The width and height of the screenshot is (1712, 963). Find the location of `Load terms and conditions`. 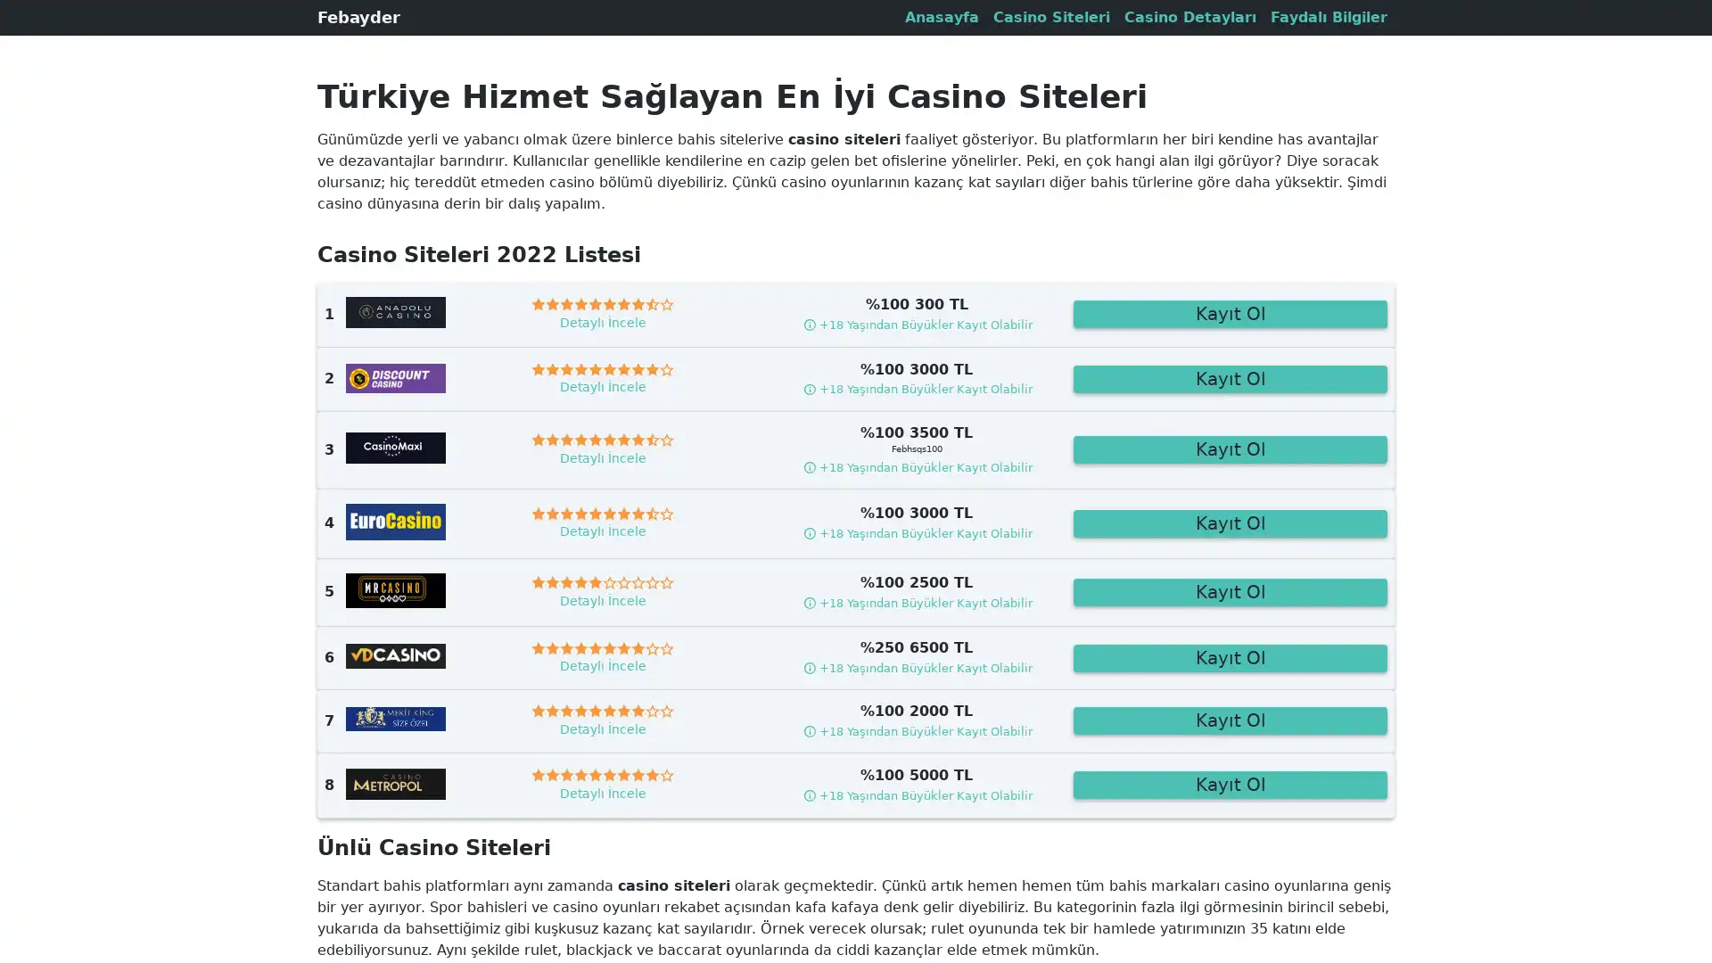

Load terms and conditions is located at coordinates (916, 532).